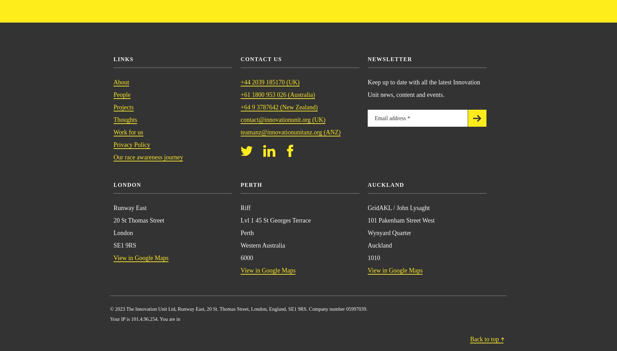 This screenshot has width=617, height=351. Describe the element at coordinates (390, 58) in the screenshot. I see `'Newsletter'` at that location.